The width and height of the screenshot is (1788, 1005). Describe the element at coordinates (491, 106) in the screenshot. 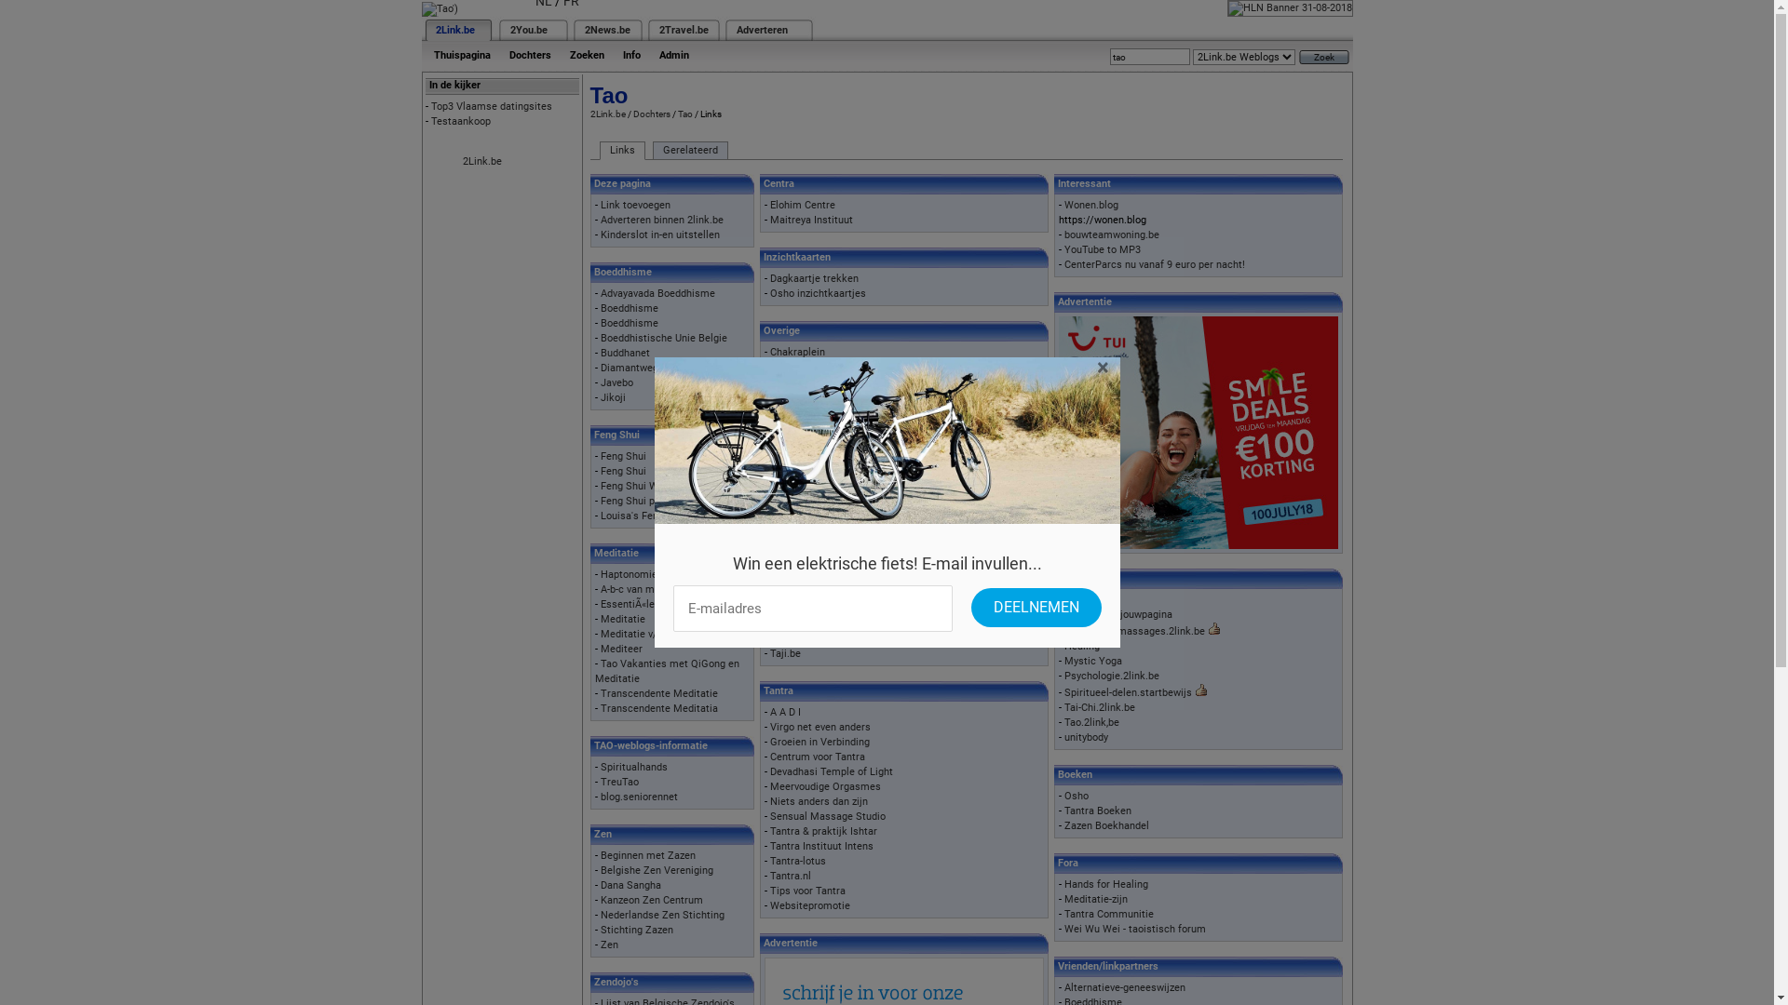

I see `'Top3 Vlaamse datingsites'` at that location.